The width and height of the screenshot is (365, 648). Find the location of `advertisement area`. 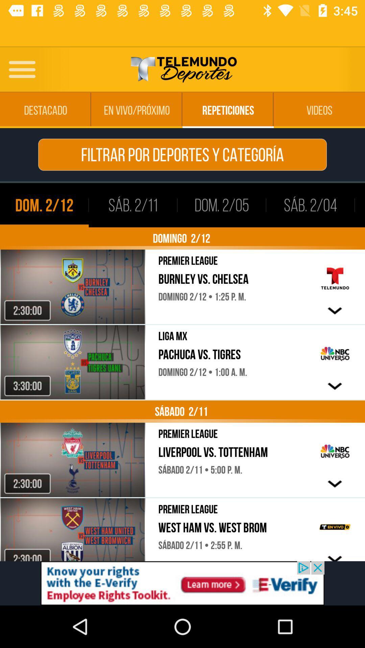

advertisement area is located at coordinates (182, 583).